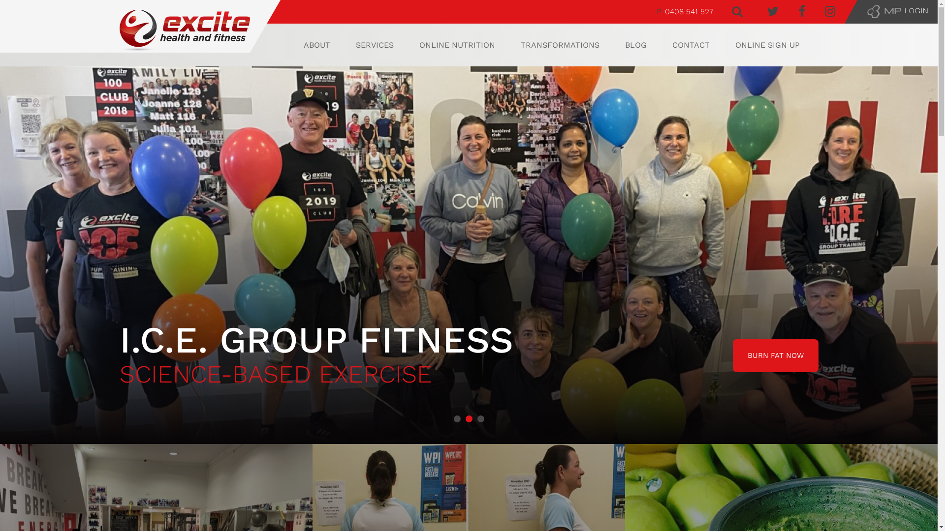  I want to click on 'BLOG', so click(635, 45).